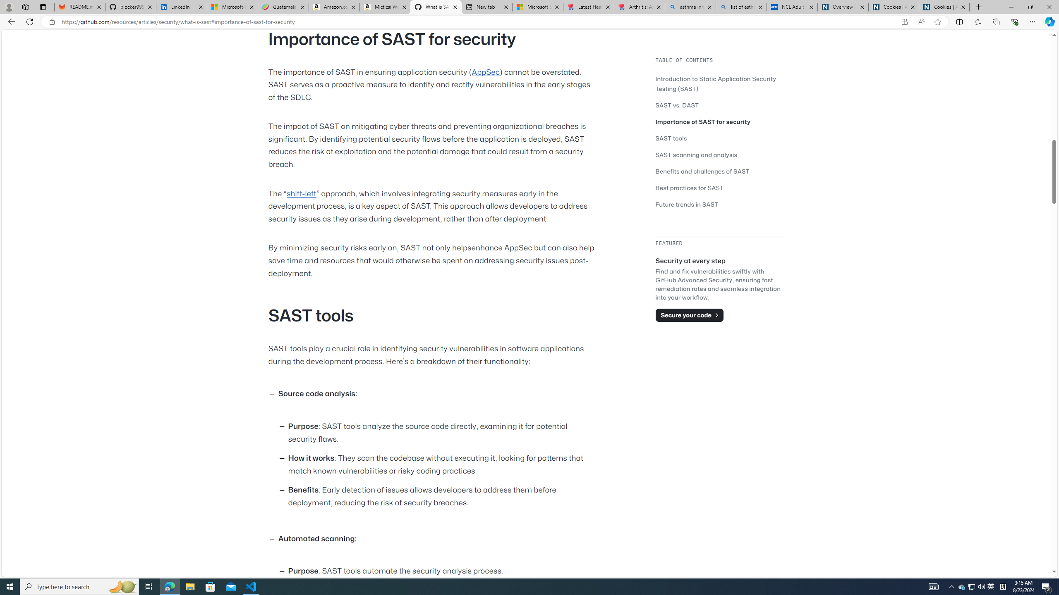 Image resolution: width=1059 pixels, height=595 pixels. Describe the element at coordinates (485, 71) in the screenshot. I see `'AppSec'` at that location.